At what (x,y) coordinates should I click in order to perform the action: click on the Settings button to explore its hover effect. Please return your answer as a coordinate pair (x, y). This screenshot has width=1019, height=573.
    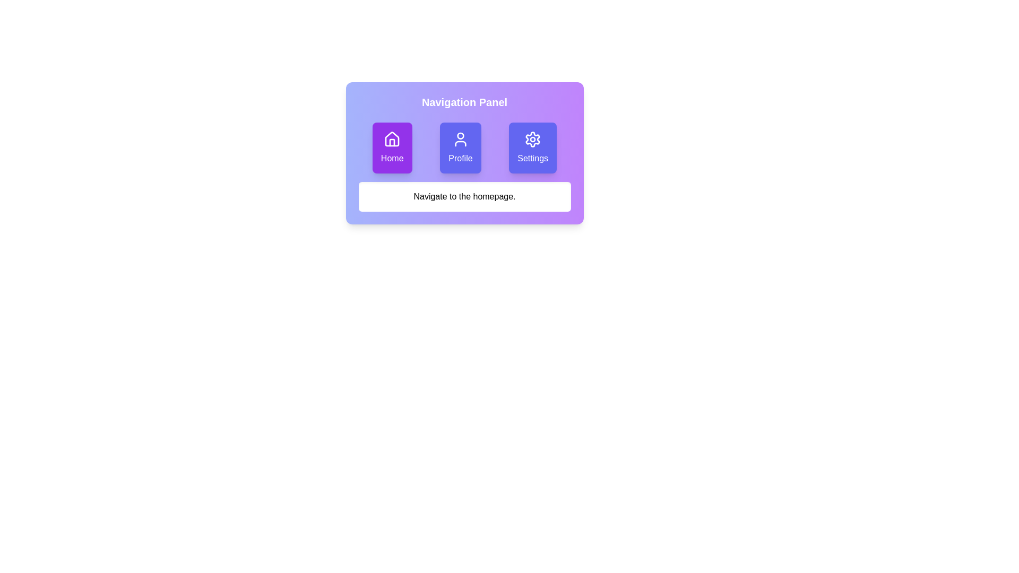
    Looking at the image, I should click on (533, 147).